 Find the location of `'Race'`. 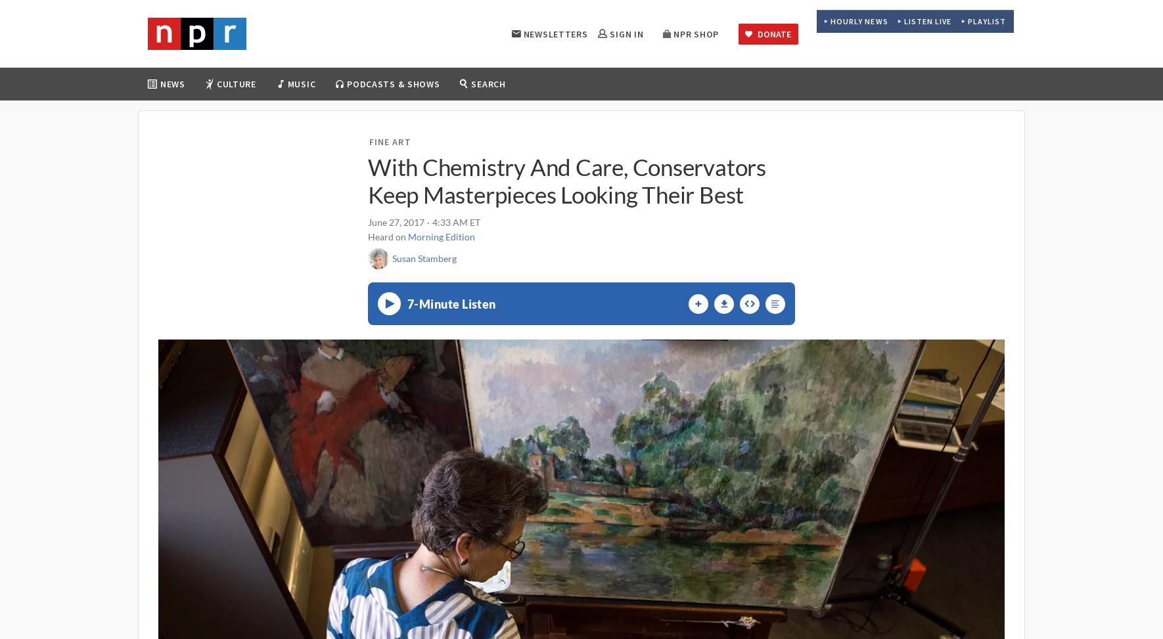

'Race' is located at coordinates (233, 215).